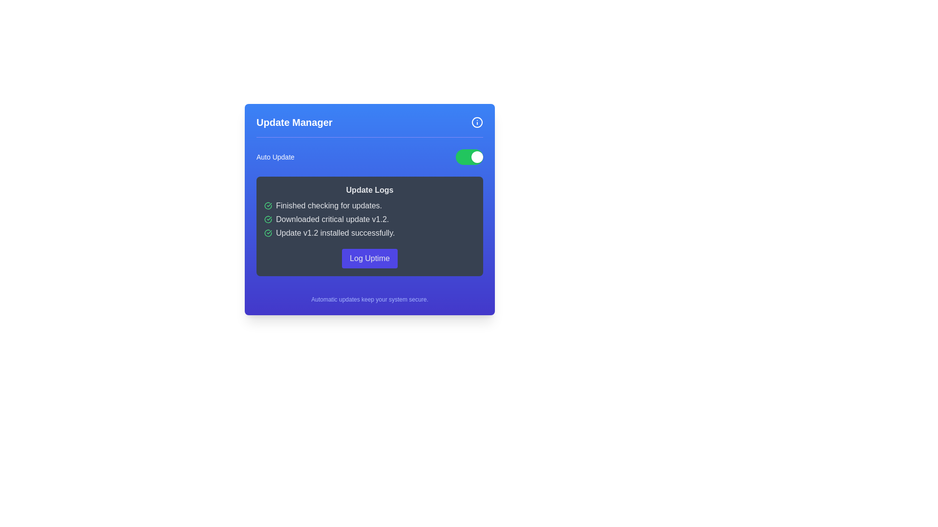 This screenshot has width=938, height=527. What do you see at coordinates (369, 258) in the screenshot?
I see `the button located at the bottom center of the 'Update Logs' section` at bounding box center [369, 258].